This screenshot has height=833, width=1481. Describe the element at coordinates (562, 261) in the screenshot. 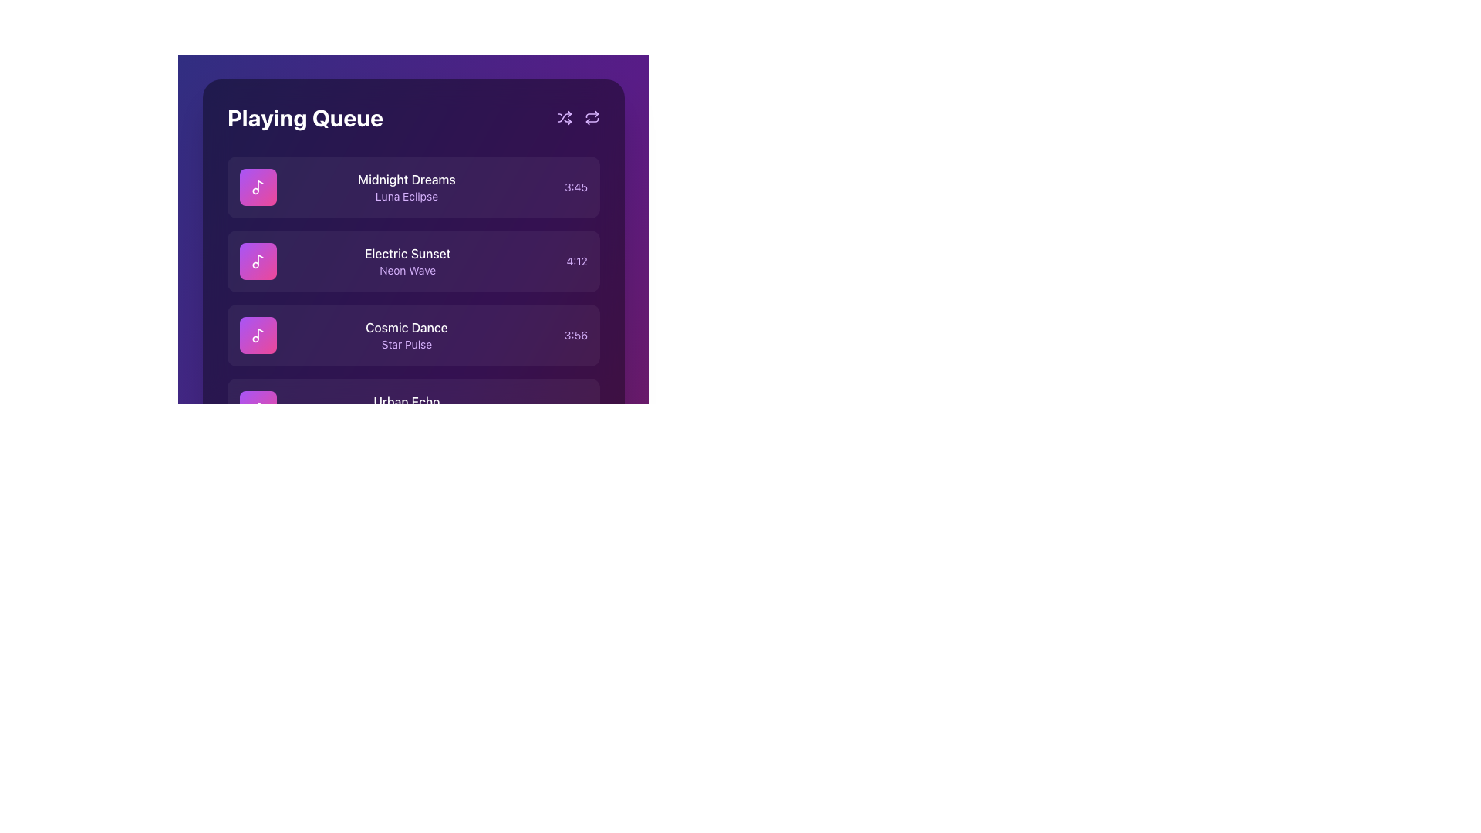

I see `the displayed time information of the track 'Electric Sunset' from the Label positioned at the end of its row in the 'Playing Queue'` at that location.